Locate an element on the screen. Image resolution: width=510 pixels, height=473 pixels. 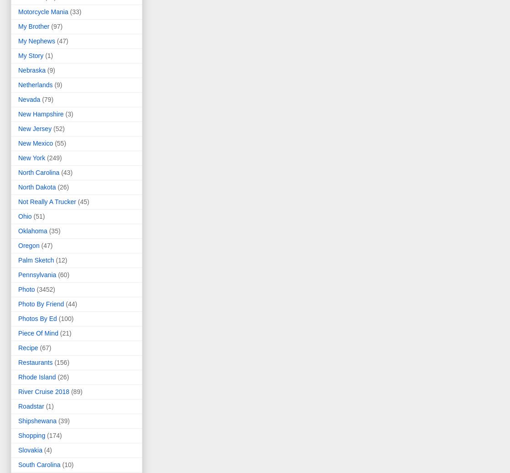
'Netherlands' is located at coordinates (18, 84).